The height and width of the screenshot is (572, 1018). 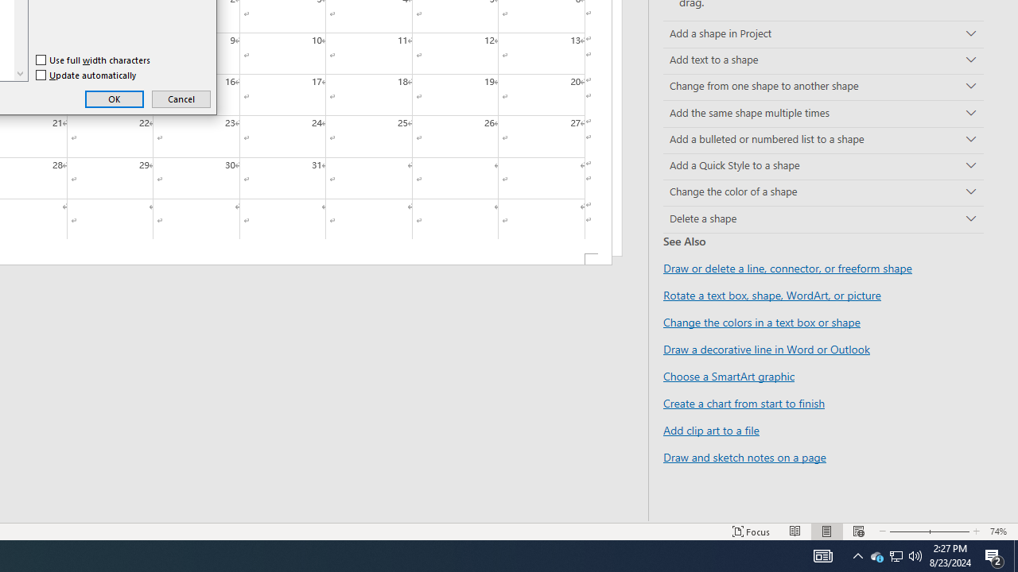 What do you see at coordinates (823, 140) in the screenshot?
I see `'Add a bulleted or numbered list to a shape'` at bounding box center [823, 140].